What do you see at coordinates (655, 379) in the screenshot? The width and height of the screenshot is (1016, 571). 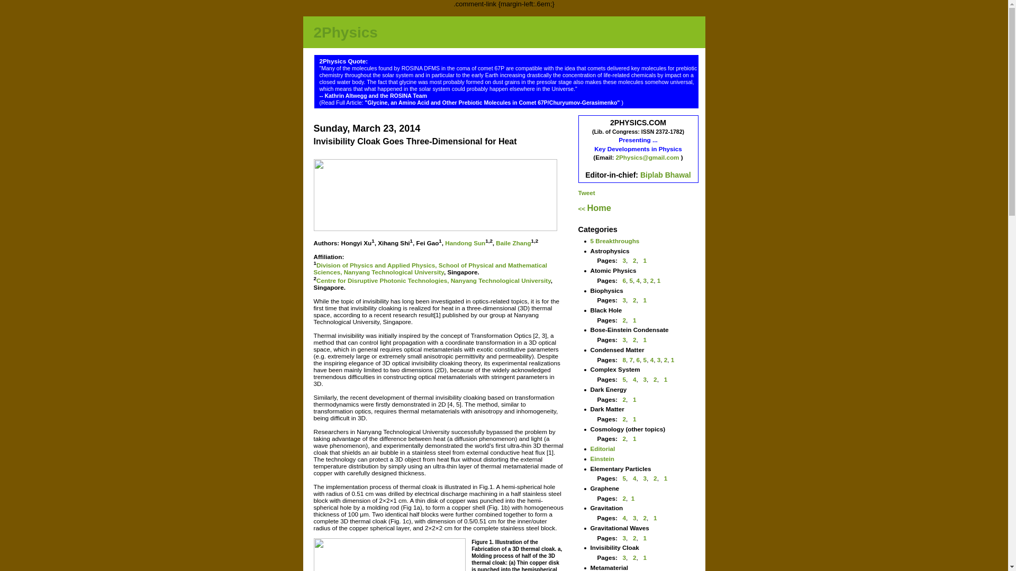 I see `'2'` at bounding box center [655, 379].